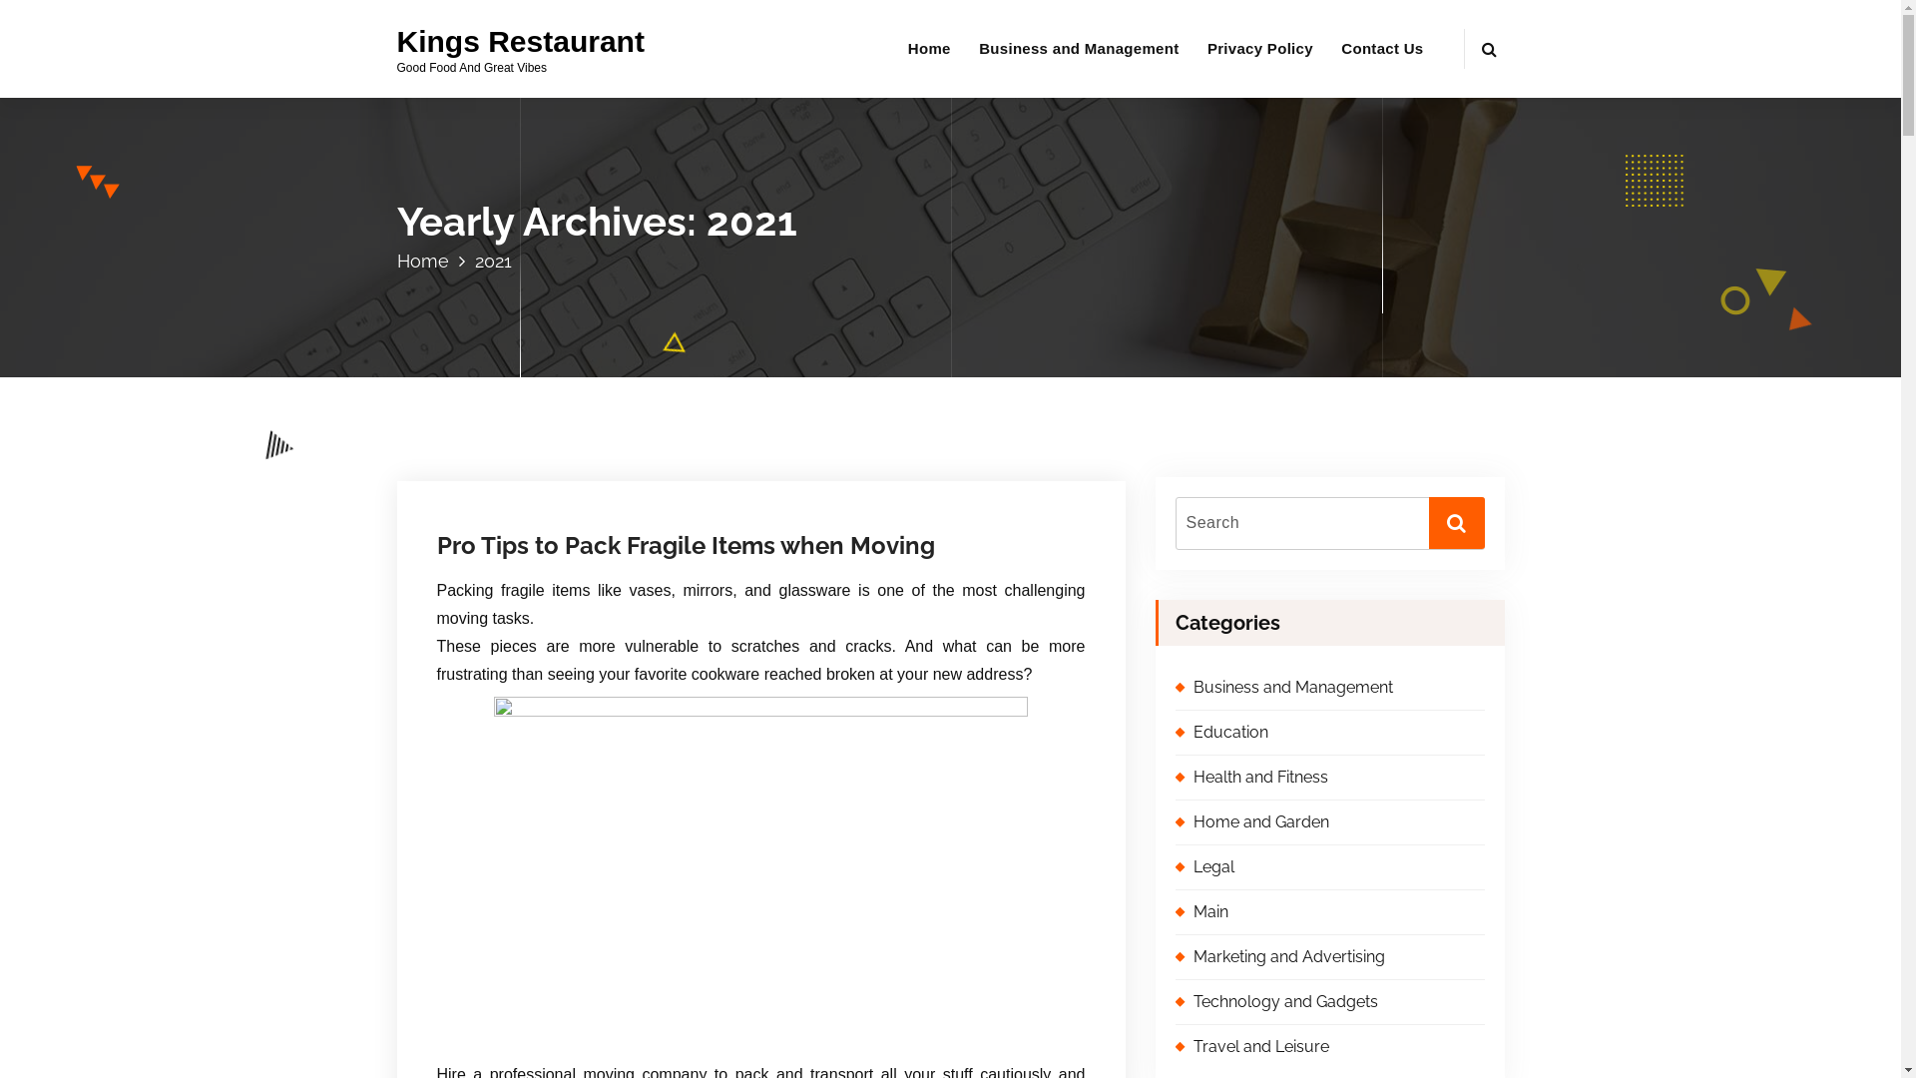  What do you see at coordinates (1330, 777) in the screenshot?
I see `'Health and Fitness'` at bounding box center [1330, 777].